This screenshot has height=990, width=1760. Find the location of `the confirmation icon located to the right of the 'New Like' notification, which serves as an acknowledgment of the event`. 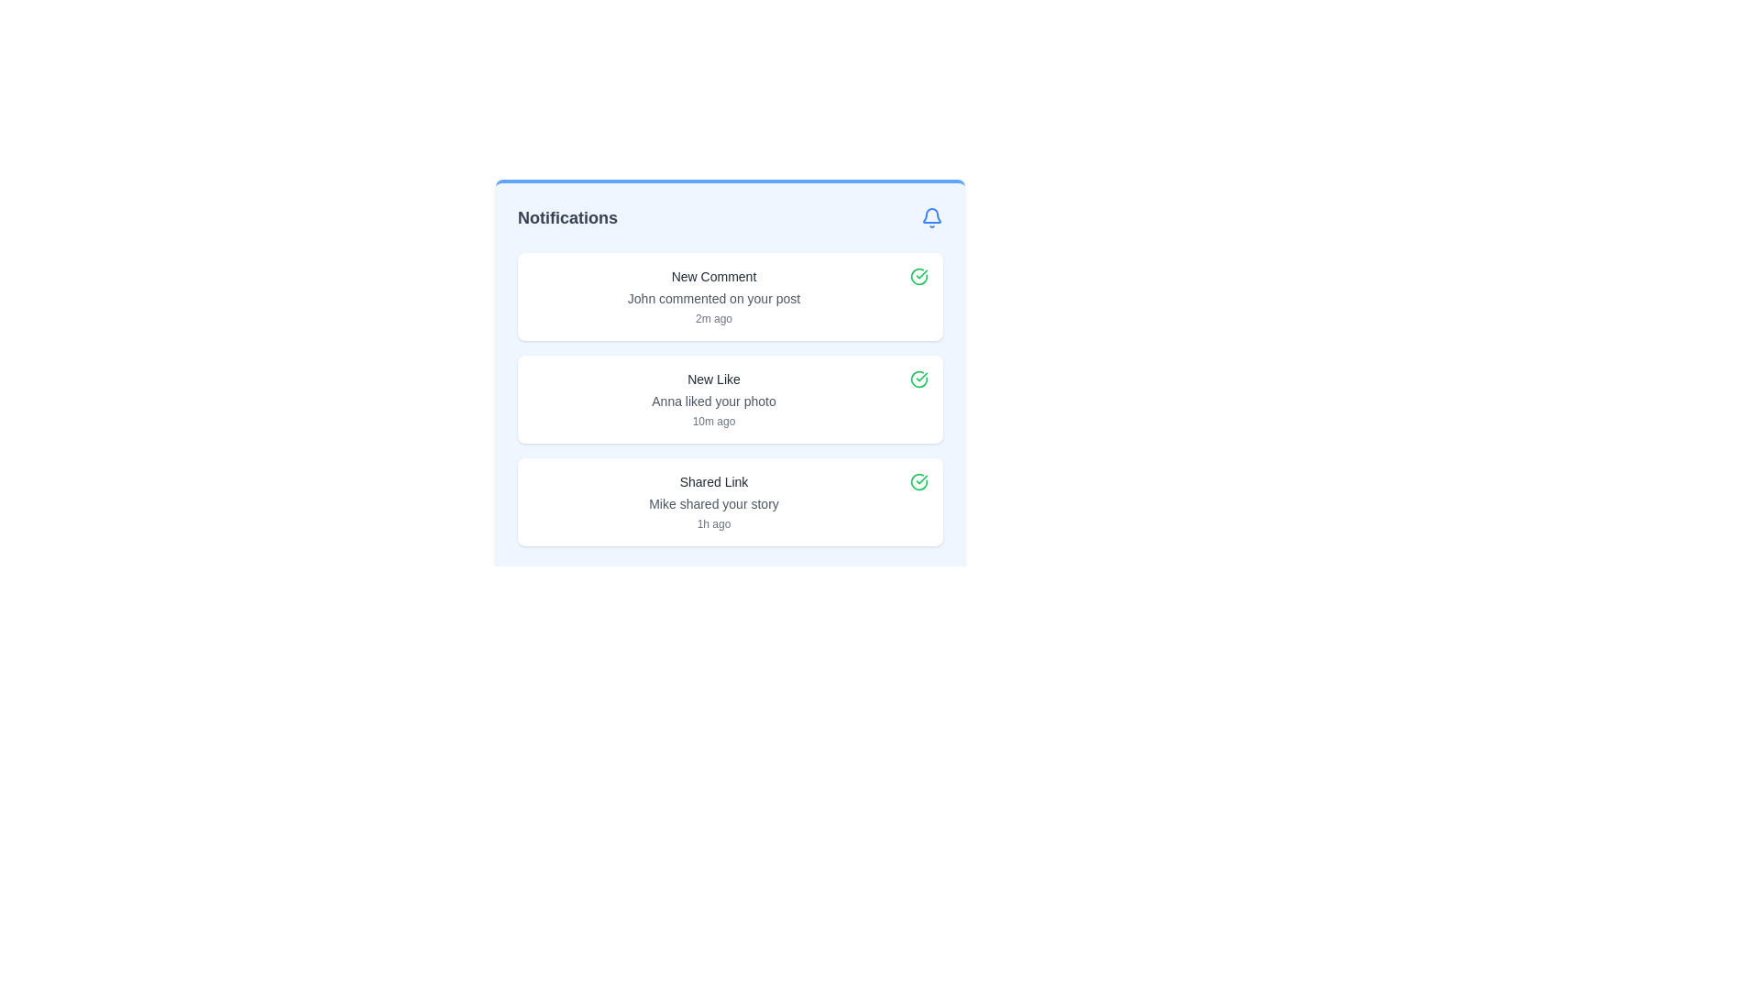

the confirmation icon located to the right of the 'New Like' notification, which serves as an acknowledgment of the event is located at coordinates (919, 378).